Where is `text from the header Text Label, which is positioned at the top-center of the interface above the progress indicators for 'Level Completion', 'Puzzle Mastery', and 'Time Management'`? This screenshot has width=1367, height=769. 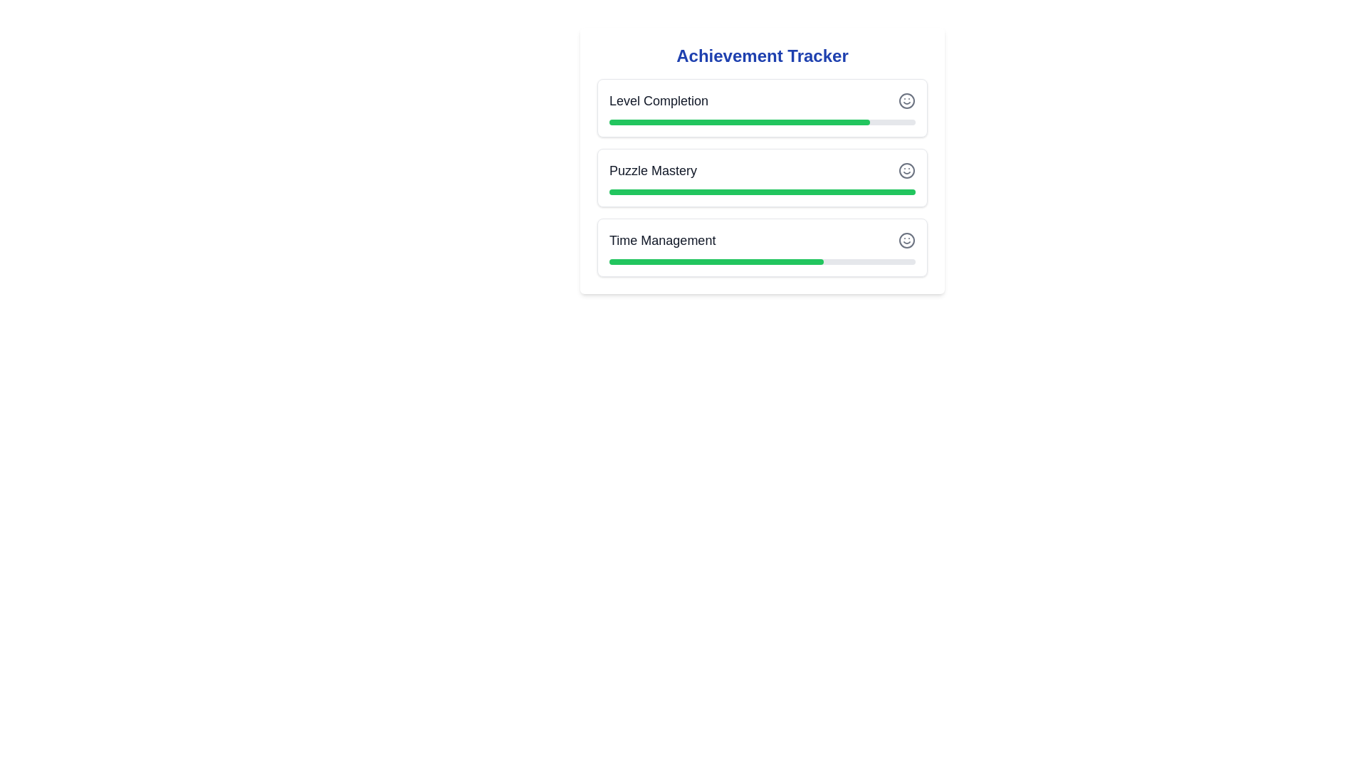 text from the header Text Label, which is positioned at the top-center of the interface above the progress indicators for 'Level Completion', 'Puzzle Mastery', and 'Time Management' is located at coordinates (761, 55).